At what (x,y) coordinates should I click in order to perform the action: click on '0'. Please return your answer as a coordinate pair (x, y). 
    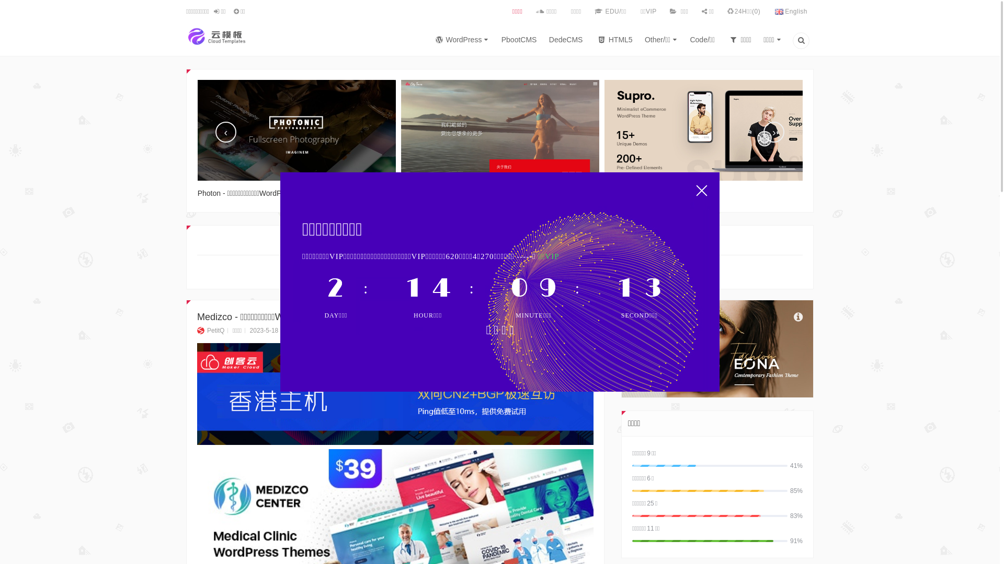
    Looking at the image, I should click on (323, 330).